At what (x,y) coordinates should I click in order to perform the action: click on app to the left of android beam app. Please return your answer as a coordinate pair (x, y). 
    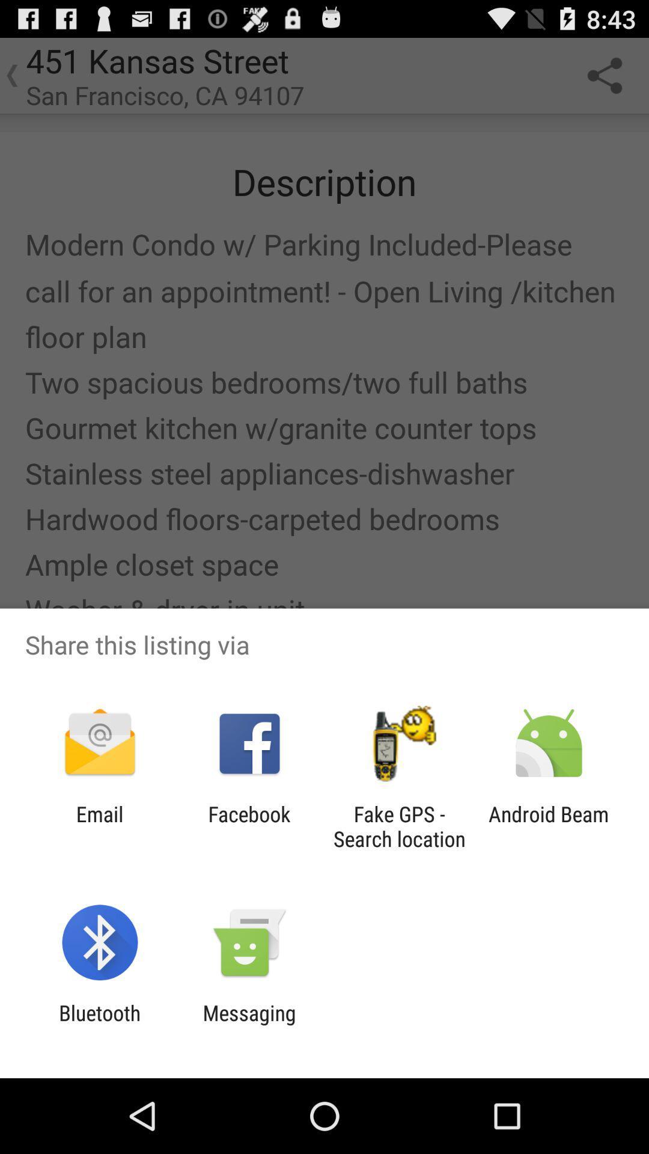
    Looking at the image, I should click on (399, 826).